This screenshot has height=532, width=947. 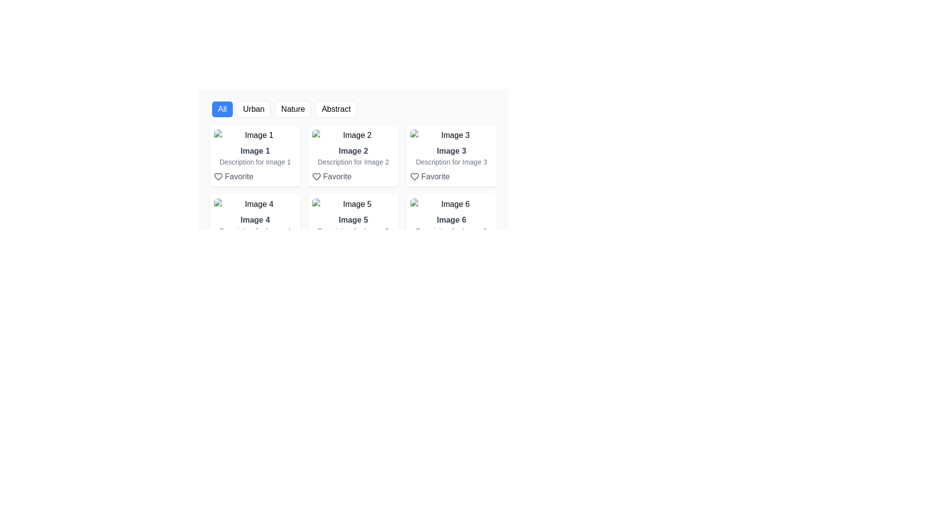 What do you see at coordinates (353, 231) in the screenshot?
I see `the Text label that provides a description for 'Image 5', positioned below the 'Image 5' title label` at bounding box center [353, 231].